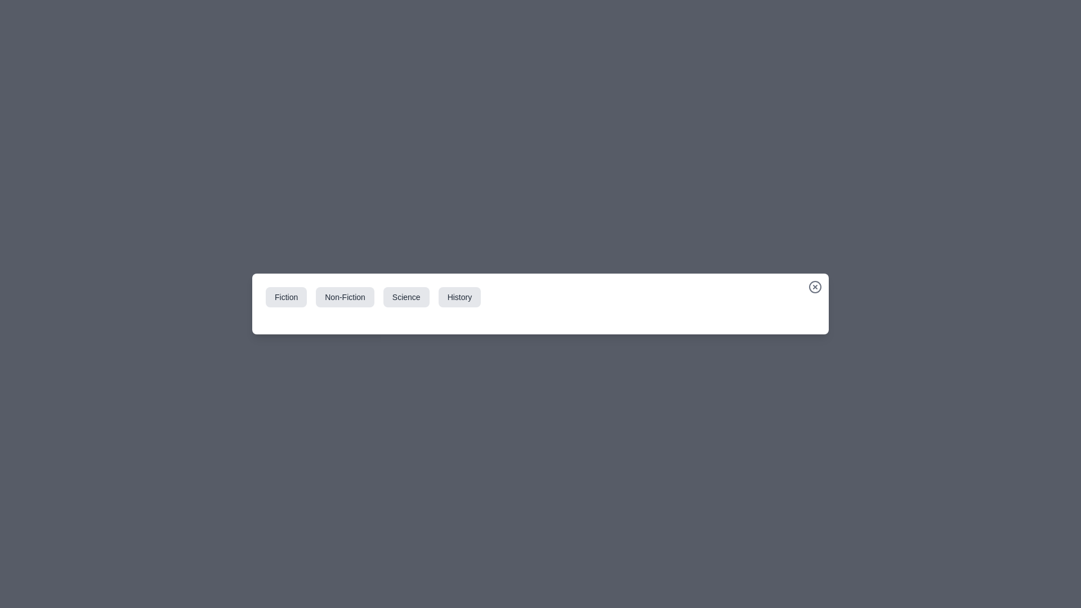 The width and height of the screenshot is (1081, 608). Describe the element at coordinates (405, 297) in the screenshot. I see `the Science tab to preview its hover effect` at that location.